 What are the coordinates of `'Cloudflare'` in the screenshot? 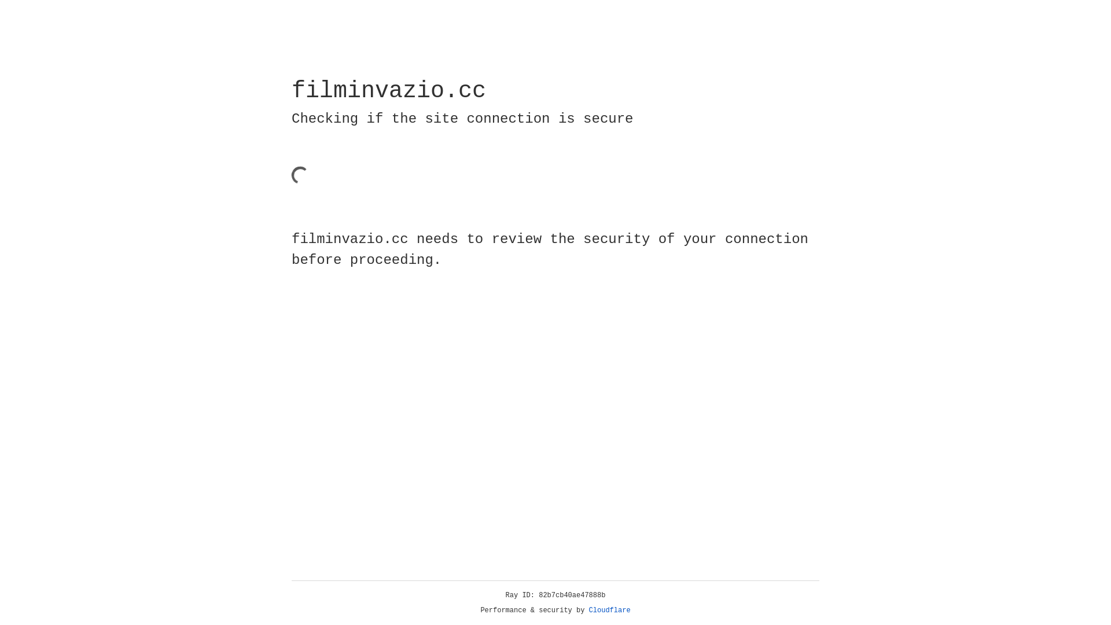 It's located at (609, 610).